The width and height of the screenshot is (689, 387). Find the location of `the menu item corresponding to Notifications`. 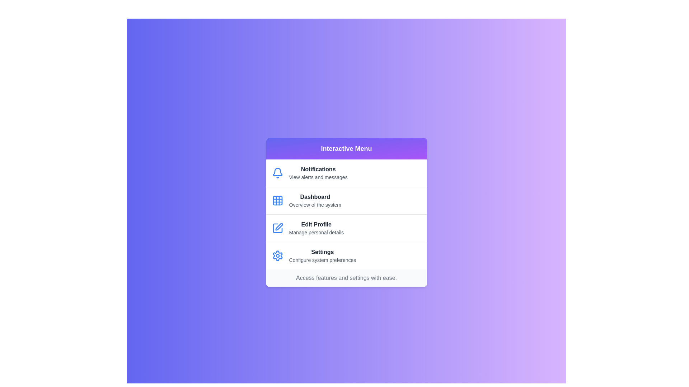

the menu item corresponding to Notifications is located at coordinates (346, 173).